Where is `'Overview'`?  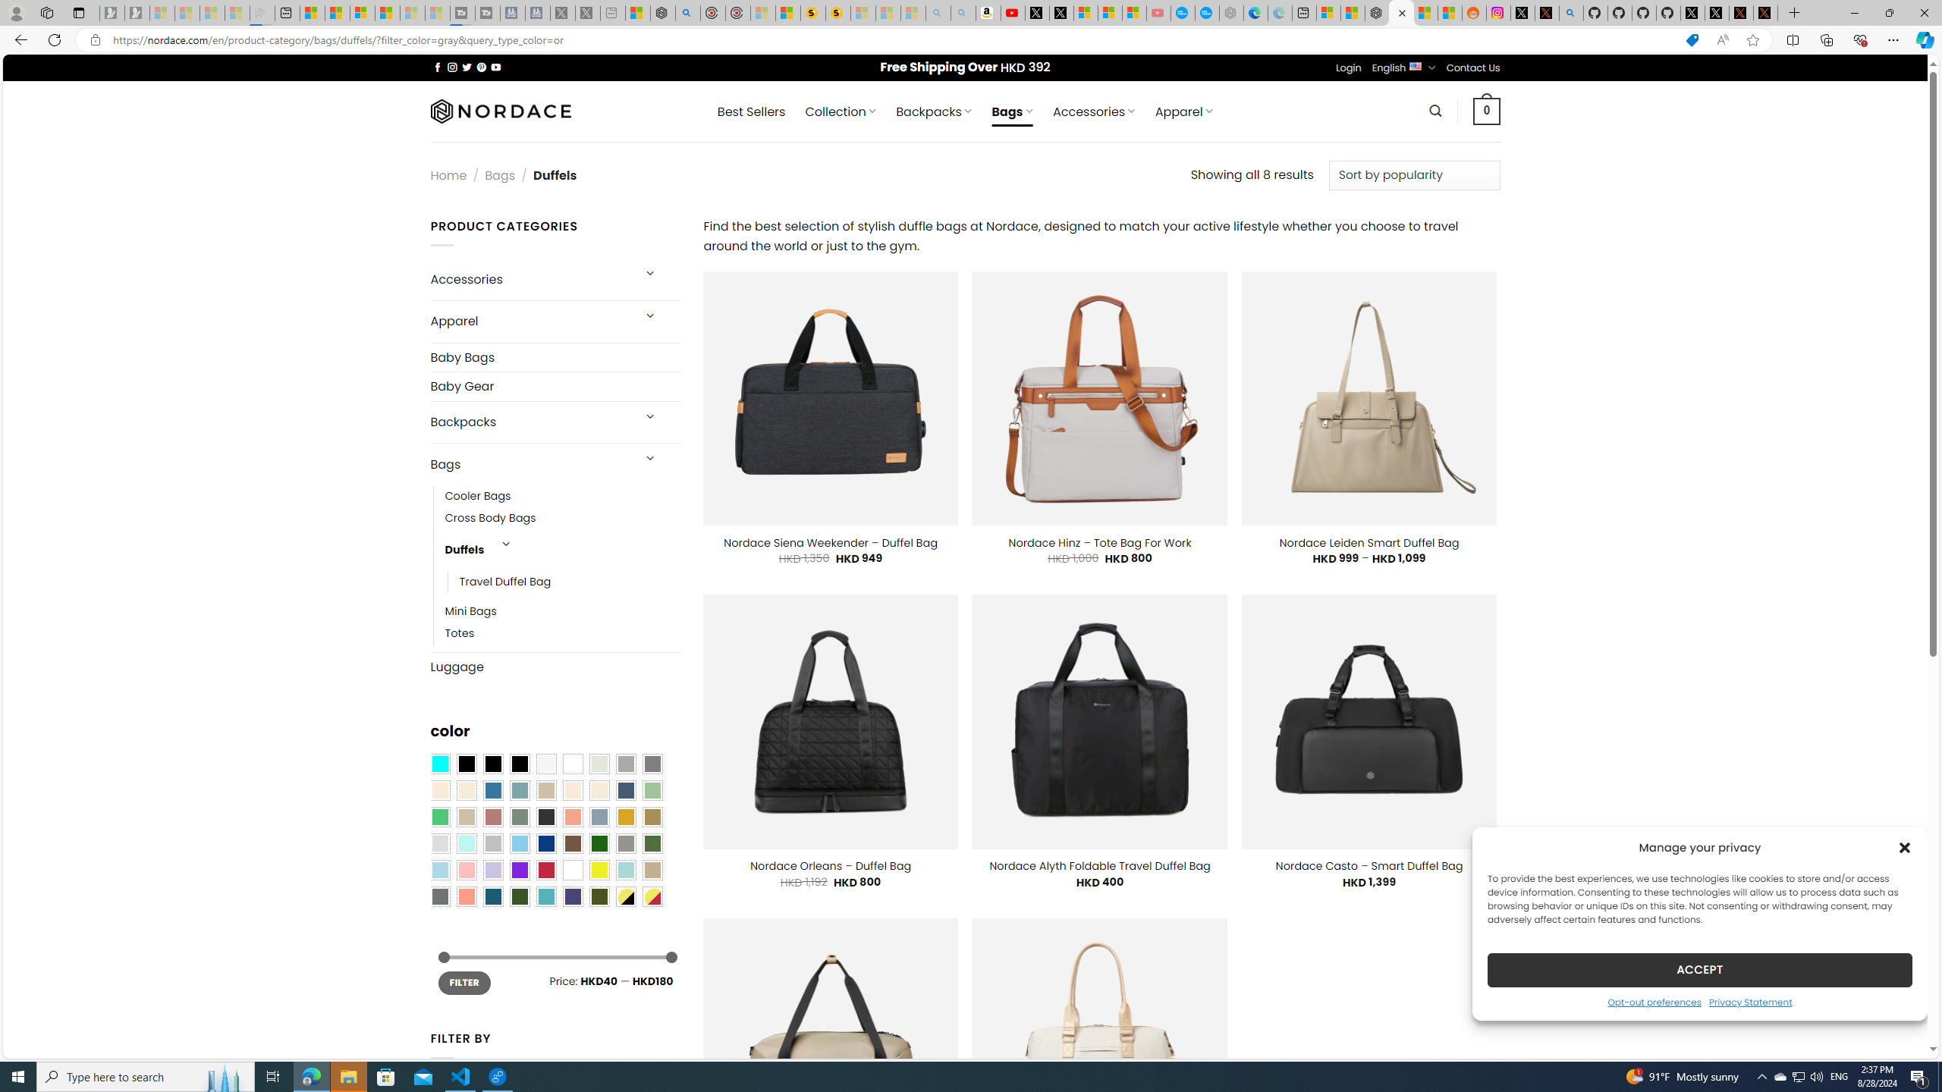
'Overview' is located at coordinates (361, 12).